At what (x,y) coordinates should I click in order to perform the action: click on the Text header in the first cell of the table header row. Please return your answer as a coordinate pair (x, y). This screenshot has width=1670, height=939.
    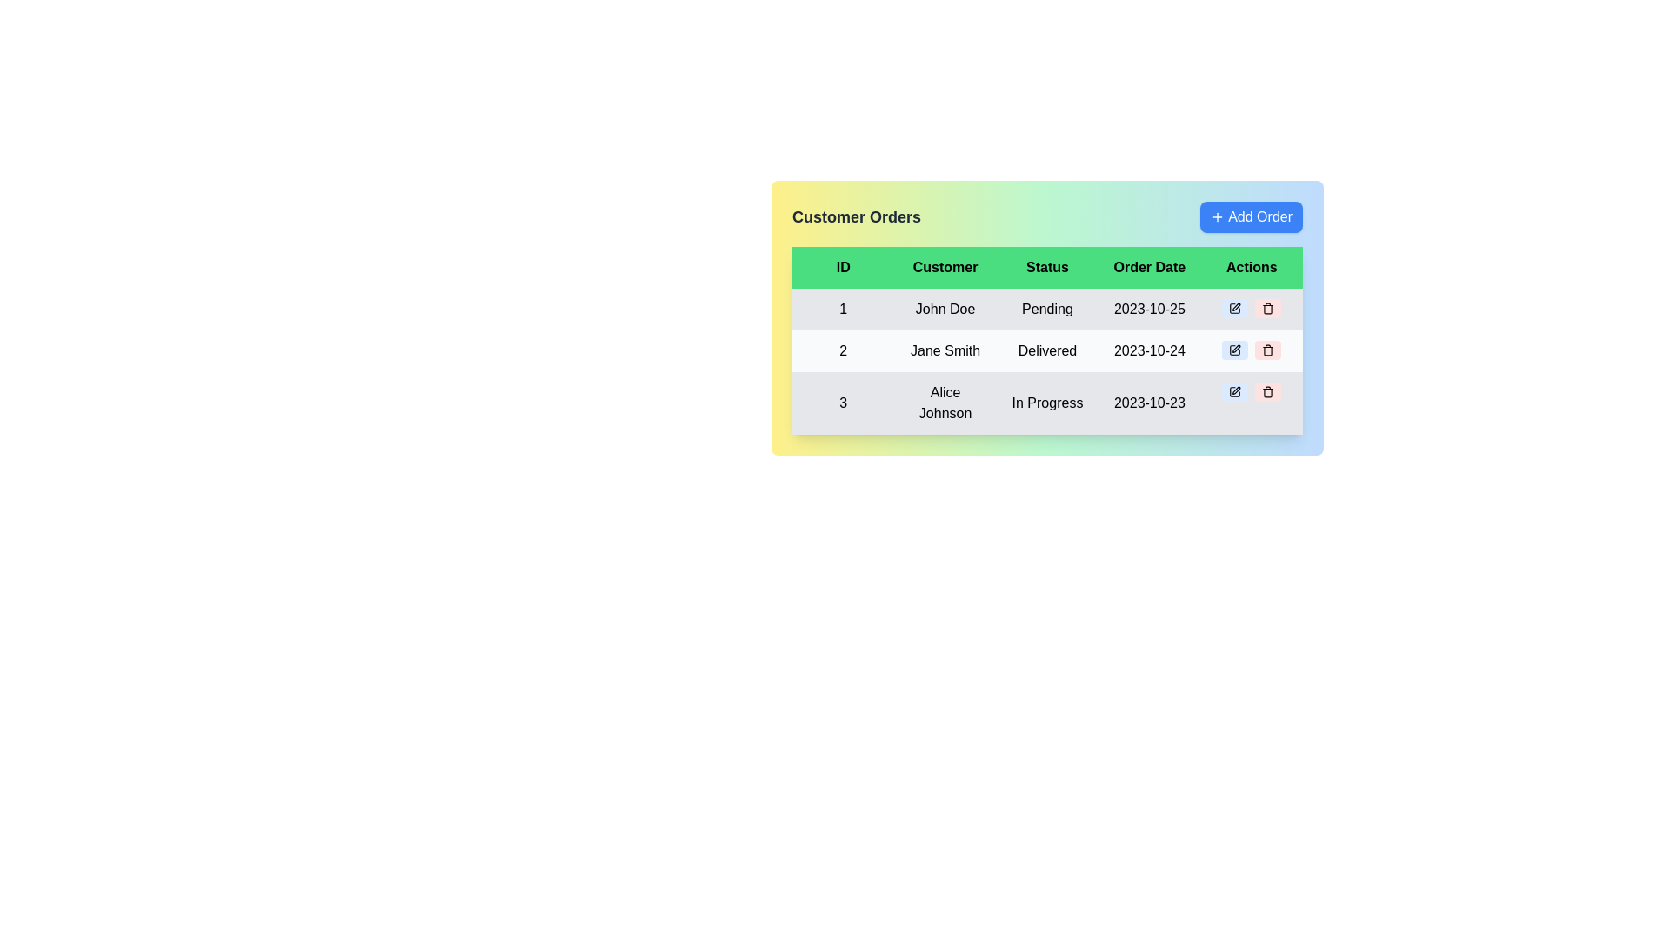
    Looking at the image, I should click on (843, 268).